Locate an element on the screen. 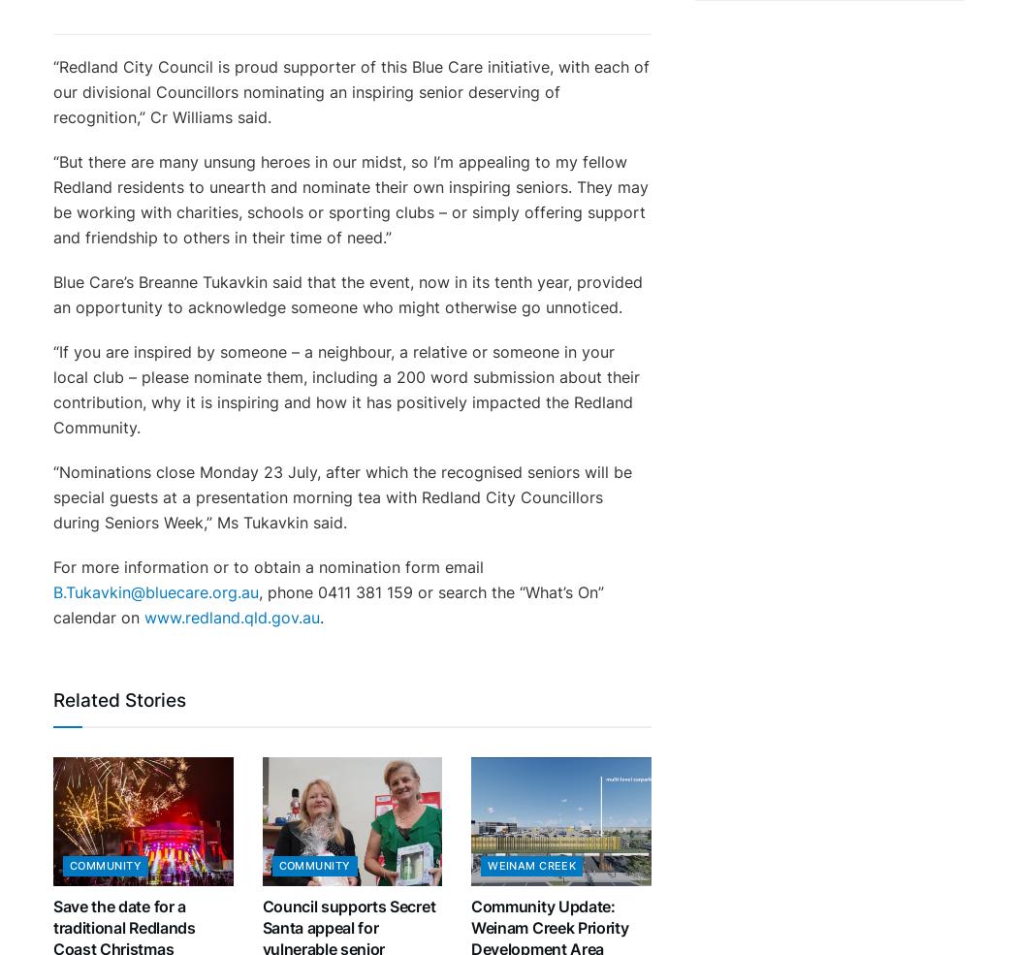 This screenshot has height=955, width=1018. '“Redland City Council is proud supporter of this Blue Care initiative, with each of our divisional Councillors nominating an inspiring senior deserving of recognition,” Cr Williams said.' is located at coordinates (350, 89).